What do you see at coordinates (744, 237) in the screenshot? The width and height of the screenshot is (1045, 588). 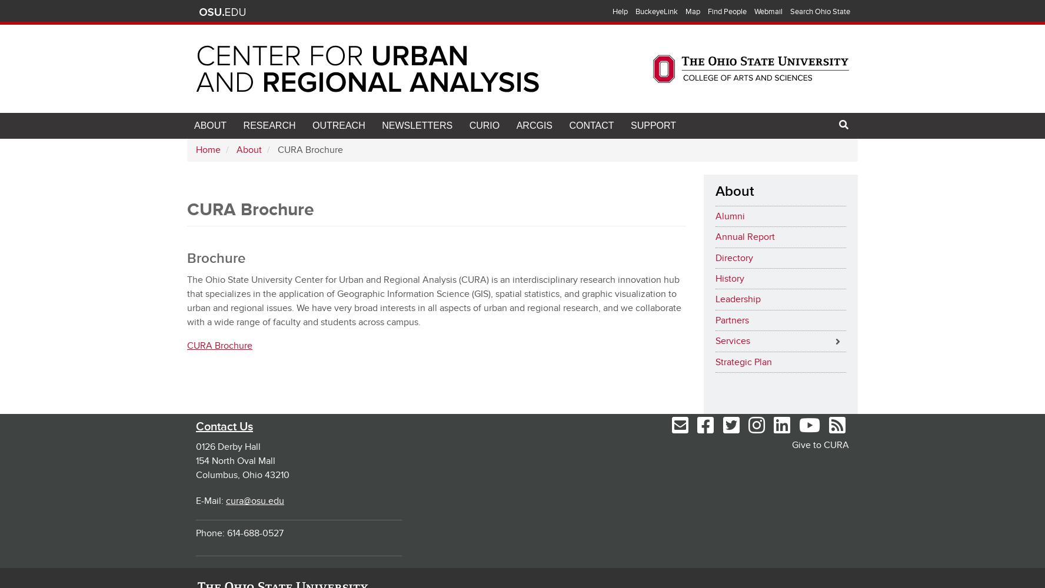 I see `'Annual Report'` at bounding box center [744, 237].